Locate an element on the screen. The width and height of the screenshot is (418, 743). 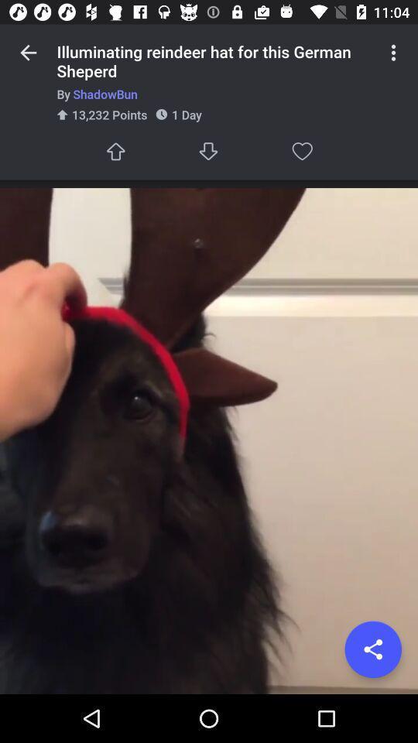
the arrow_backward icon is located at coordinates (28, 53).